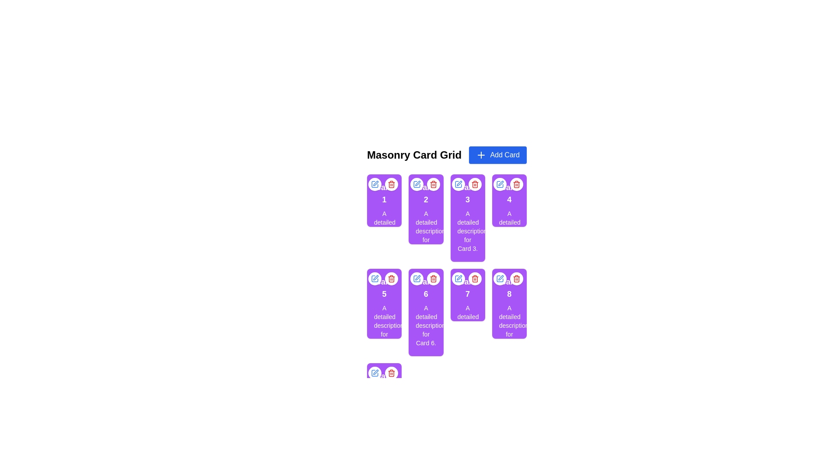 This screenshot has width=840, height=472. What do you see at coordinates (516, 278) in the screenshot?
I see `the trash can icon located at the top-right corner of the card` at bounding box center [516, 278].